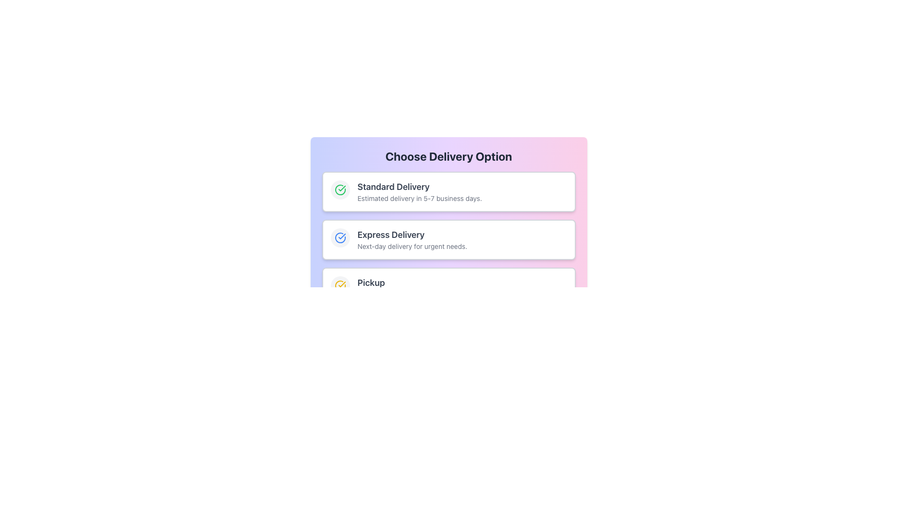 Image resolution: width=922 pixels, height=518 pixels. Describe the element at coordinates (448, 192) in the screenshot. I see `the 'Standard Delivery' selectable list item, which features a green circle with a checkmark and displays the text 'Estimated delivery in 5-7 business days.'` at that location.